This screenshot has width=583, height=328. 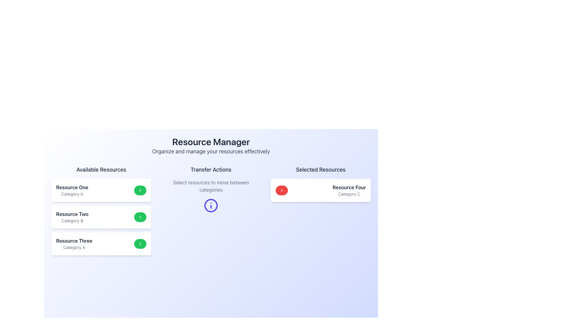 What do you see at coordinates (349, 187) in the screenshot?
I see `the Text label that serves as a title for the 'Selected Resources' section, positioned above 'Category C'` at bounding box center [349, 187].